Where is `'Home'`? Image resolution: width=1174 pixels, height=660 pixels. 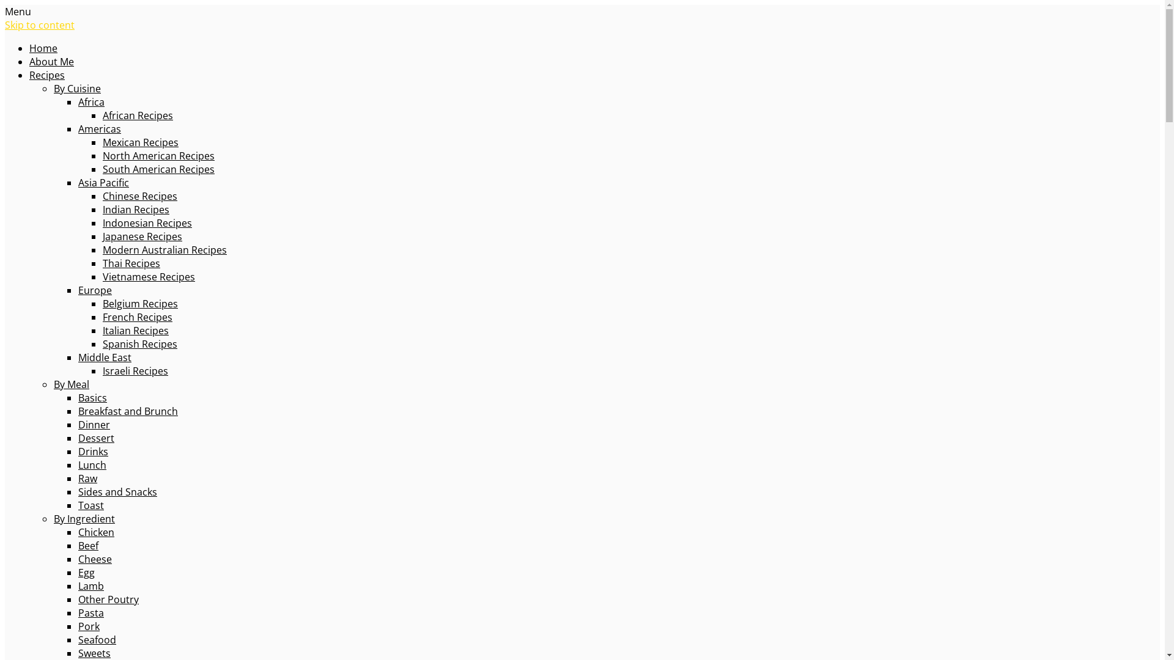
'Home' is located at coordinates (43, 47).